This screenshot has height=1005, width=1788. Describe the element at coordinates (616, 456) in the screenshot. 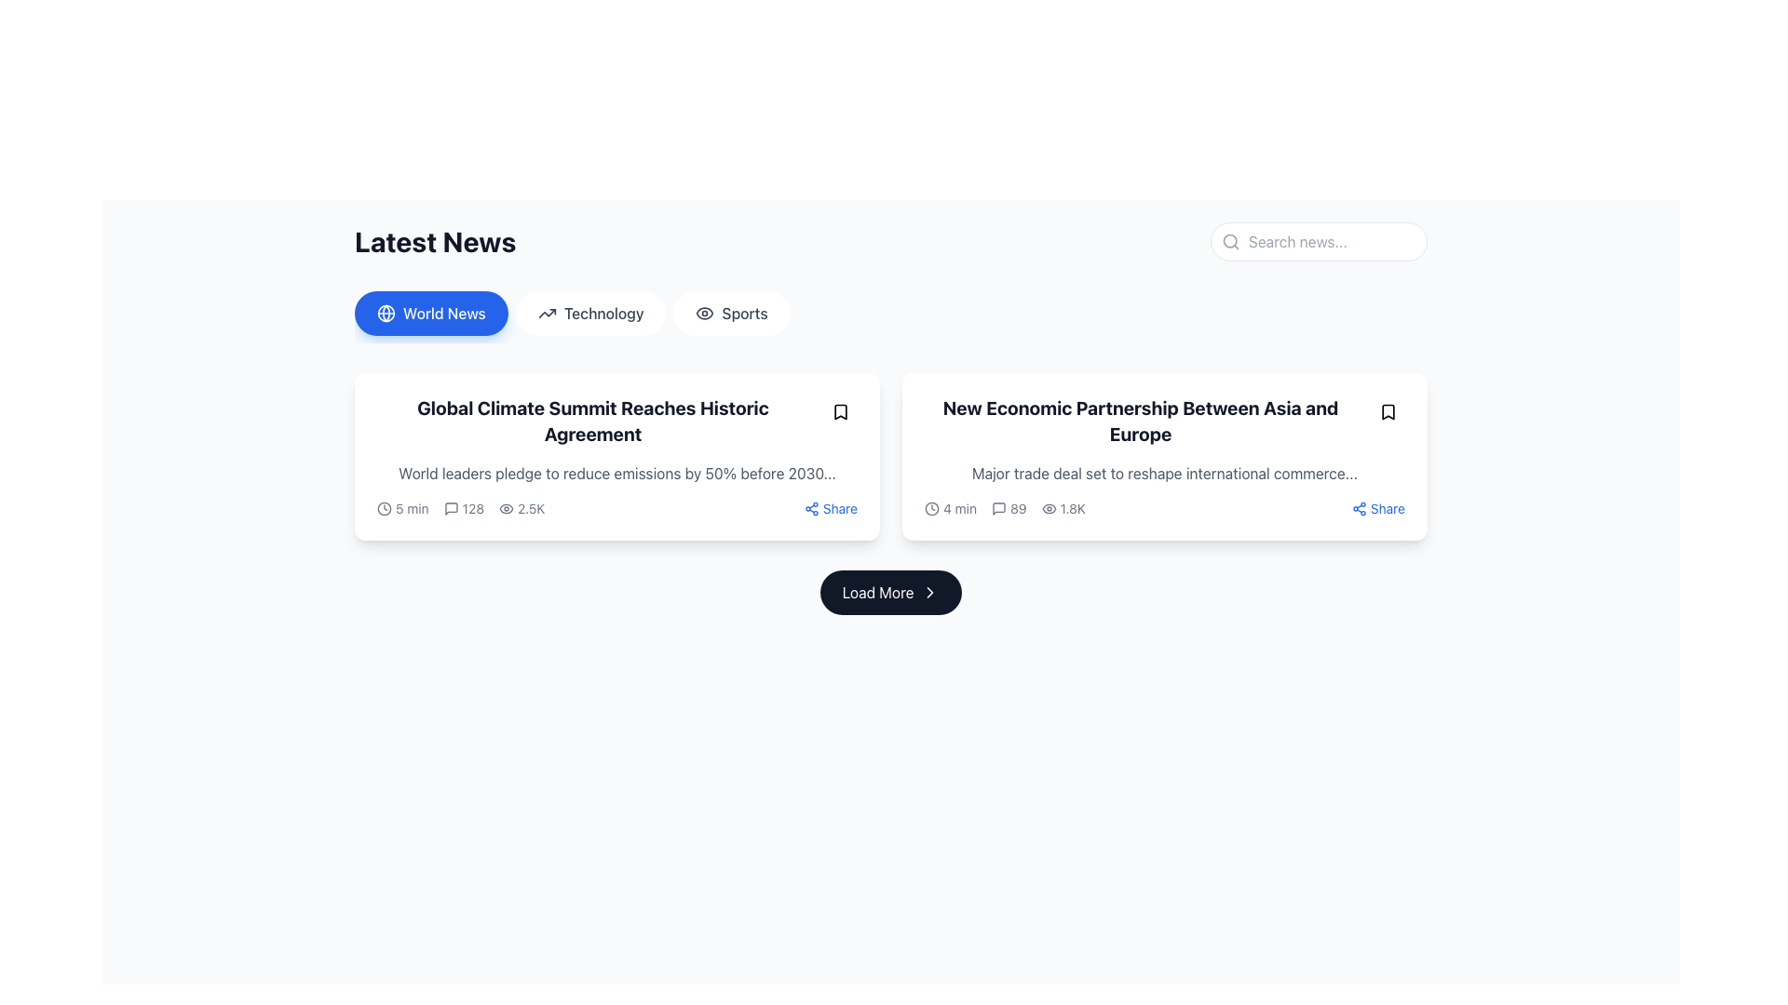

I see `the article preview card located at the top-left corner of the grid of articles` at that location.